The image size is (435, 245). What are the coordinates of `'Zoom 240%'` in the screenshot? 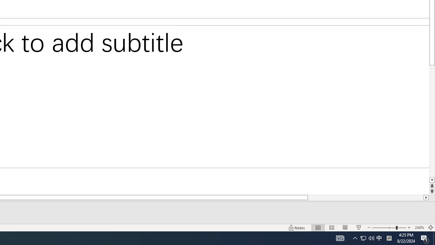 It's located at (419, 228).